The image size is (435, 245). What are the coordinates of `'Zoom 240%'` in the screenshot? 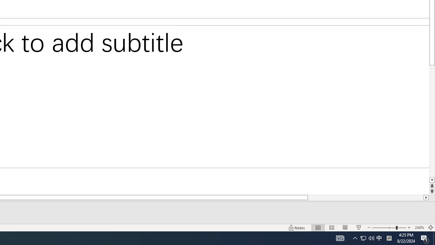 It's located at (419, 228).